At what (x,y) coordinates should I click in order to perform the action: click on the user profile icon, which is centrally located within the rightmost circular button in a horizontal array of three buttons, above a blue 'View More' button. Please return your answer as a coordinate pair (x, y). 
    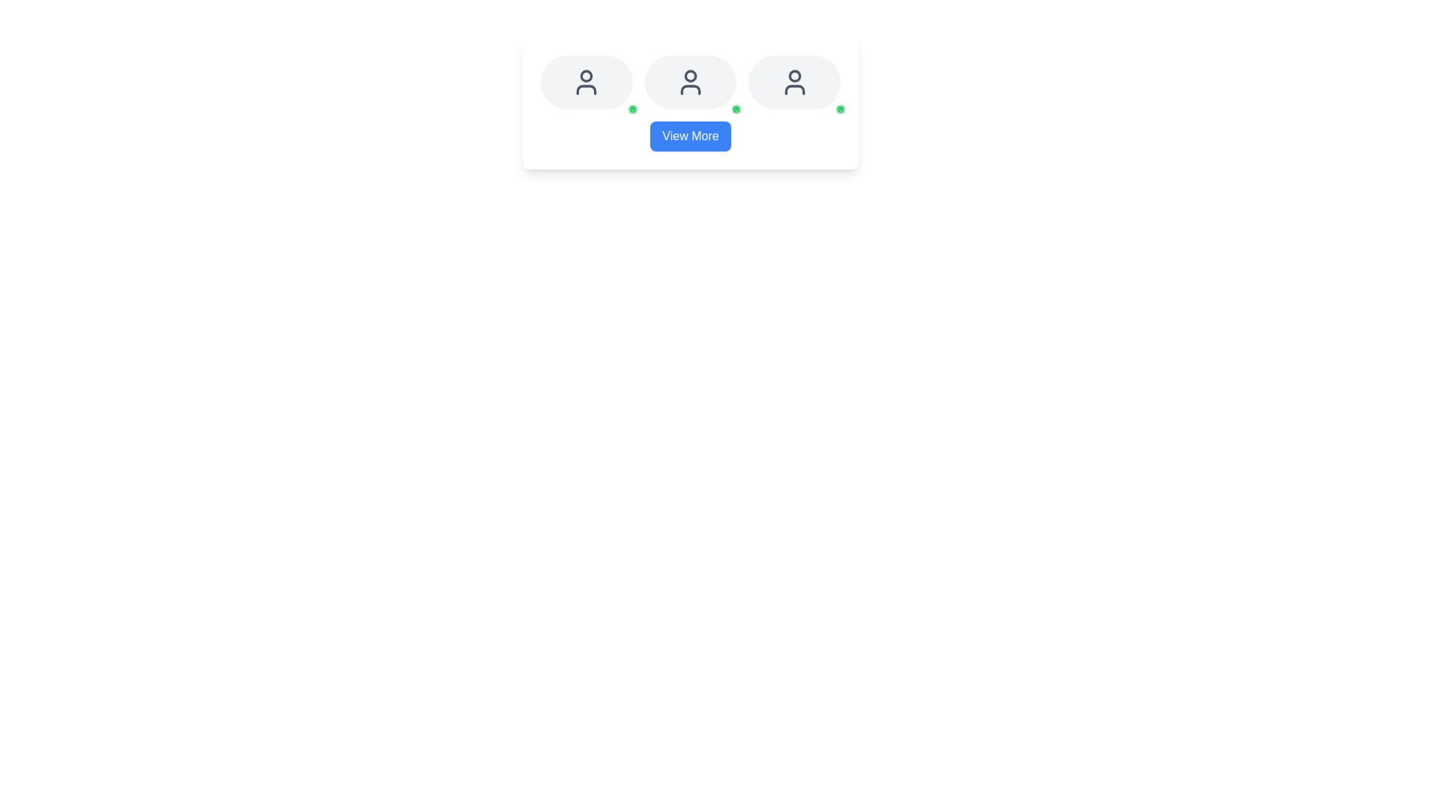
    Looking at the image, I should click on (793, 82).